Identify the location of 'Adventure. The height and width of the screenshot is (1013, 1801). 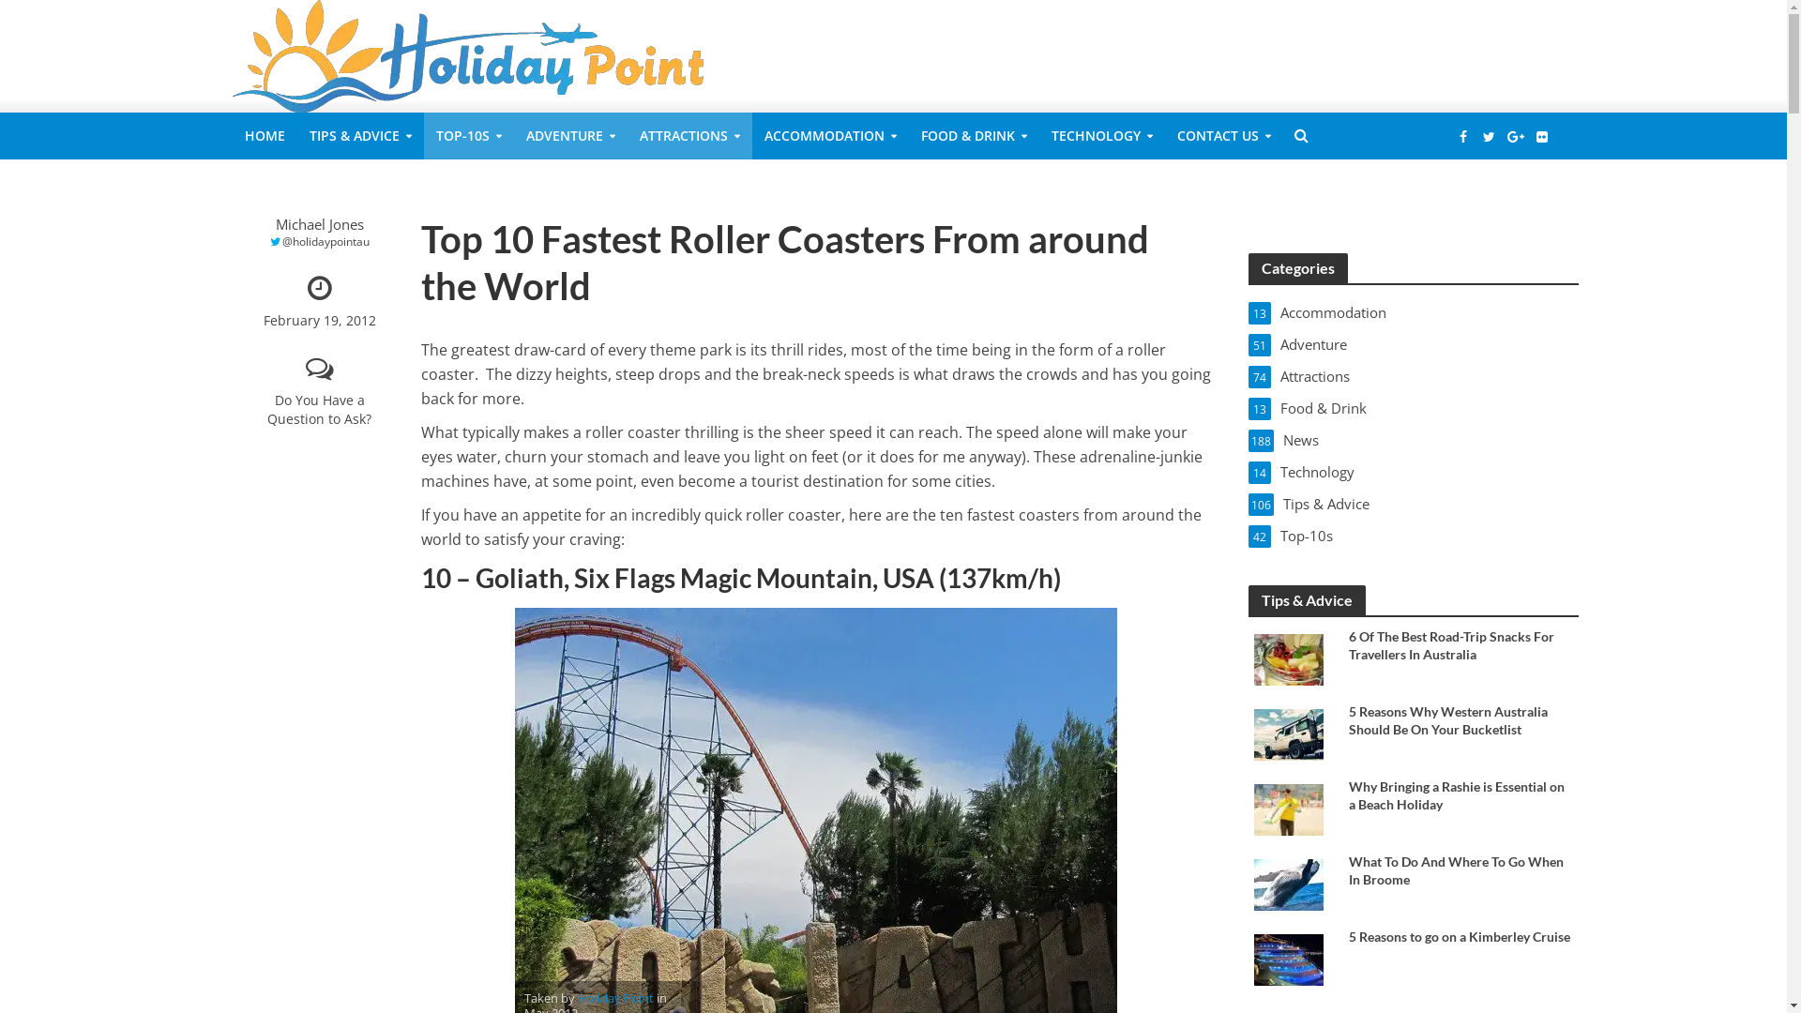
(1414, 343).